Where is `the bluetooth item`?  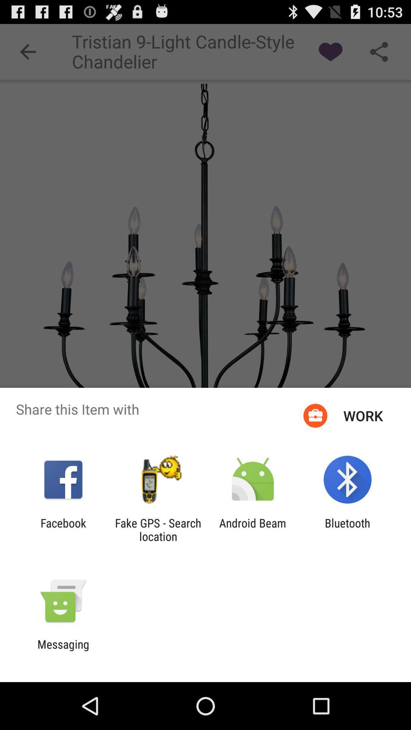 the bluetooth item is located at coordinates (347, 529).